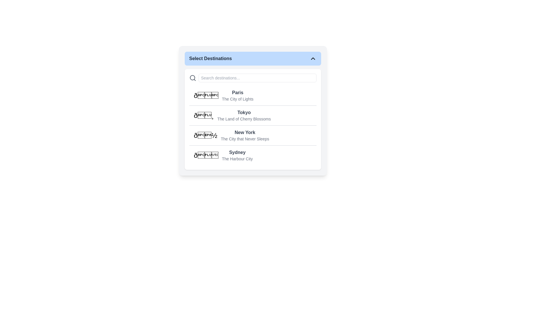  What do you see at coordinates (245, 135) in the screenshot?
I see `the selectable list item for 'New York' in the dropdown menu under 'Select Destinations'` at bounding box center [245, 135].